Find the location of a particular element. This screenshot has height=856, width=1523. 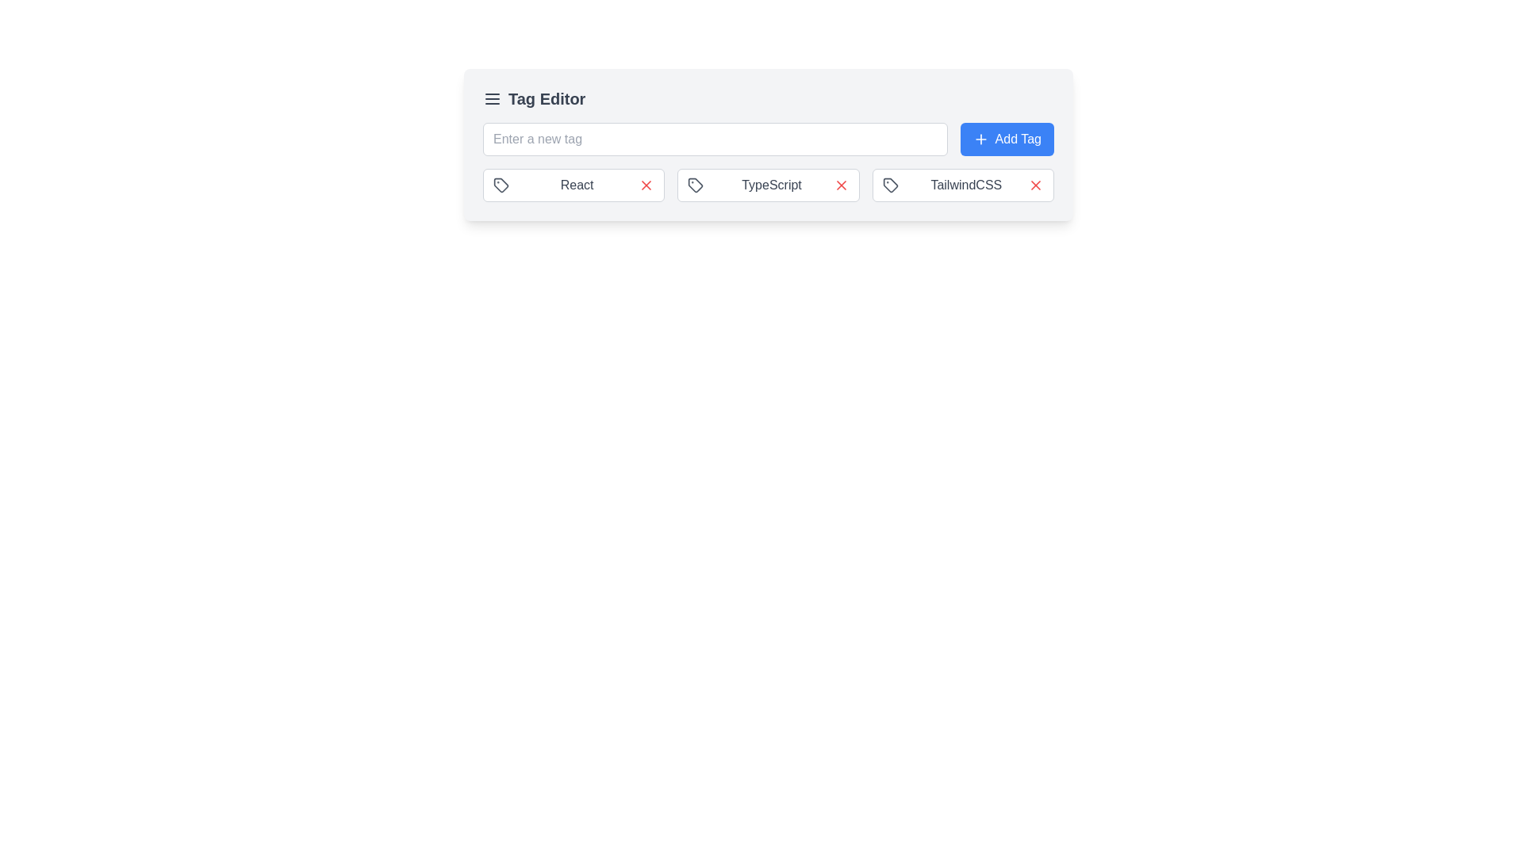

the 'Add Tag' button, which has a blue background, rounded corners, and white text with a plus icon, located to the right of the 'Enter a new tag' input field is located at coordinates (1006, 139).